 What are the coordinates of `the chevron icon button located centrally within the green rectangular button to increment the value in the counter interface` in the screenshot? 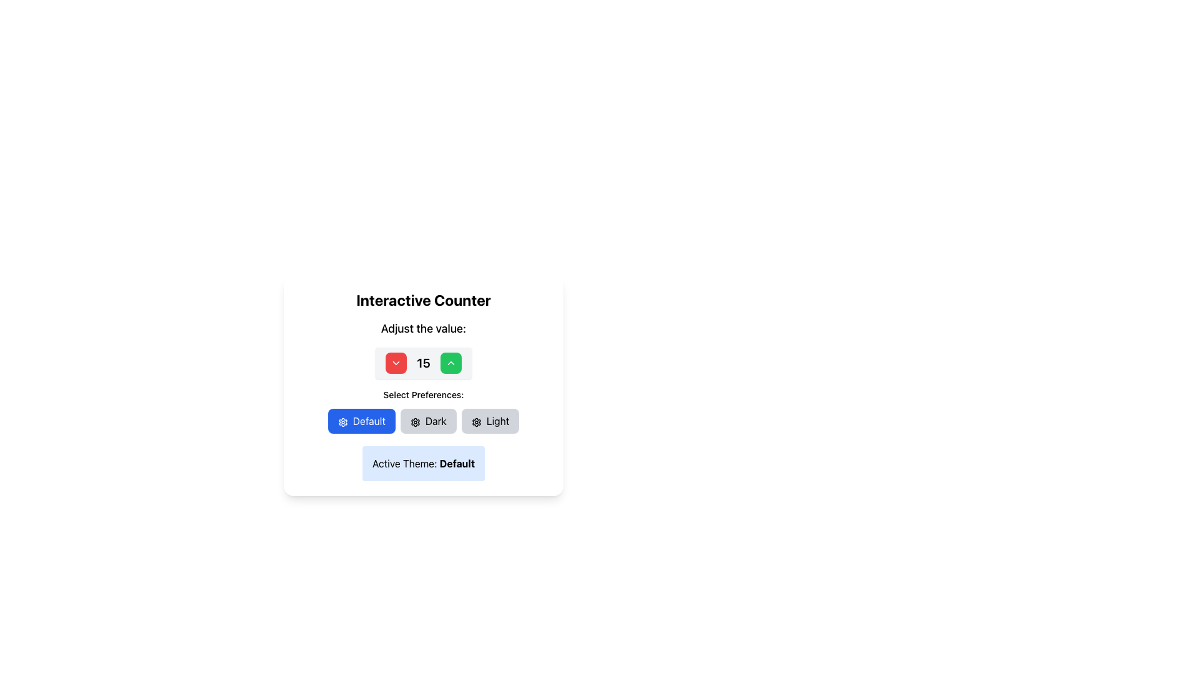 It's located at (450, 363).